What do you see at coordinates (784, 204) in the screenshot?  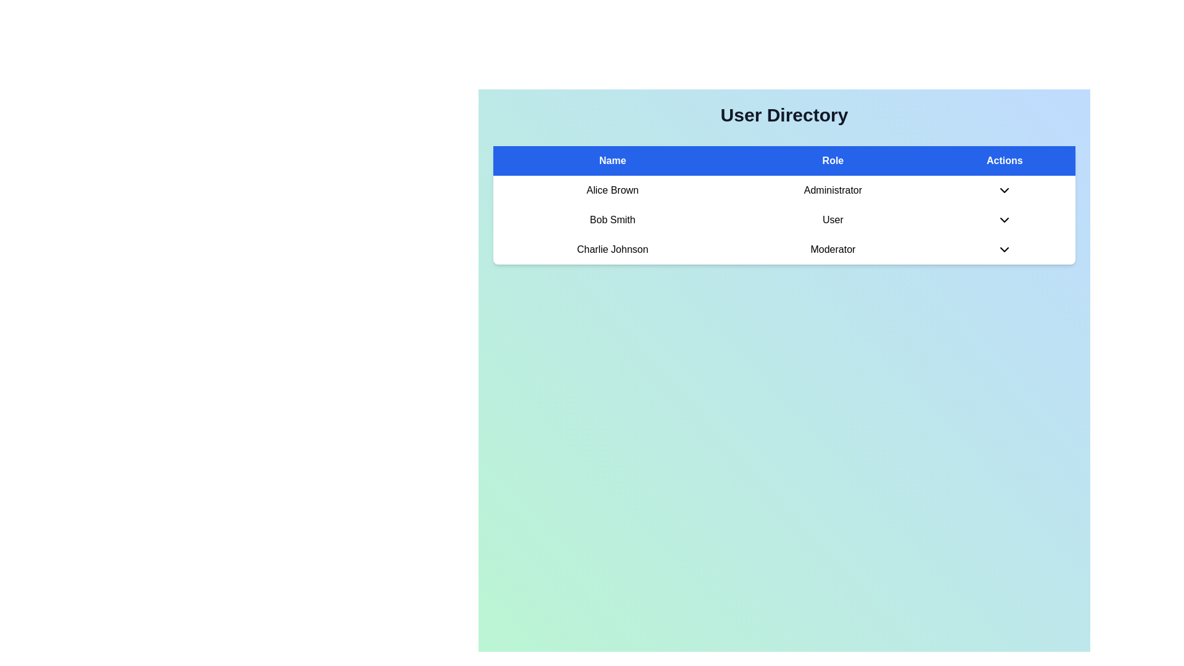 I see `the 'Role' table cell in the second row of the 'User Directory' table by moving to its center point` at bounding box center [784, 204].